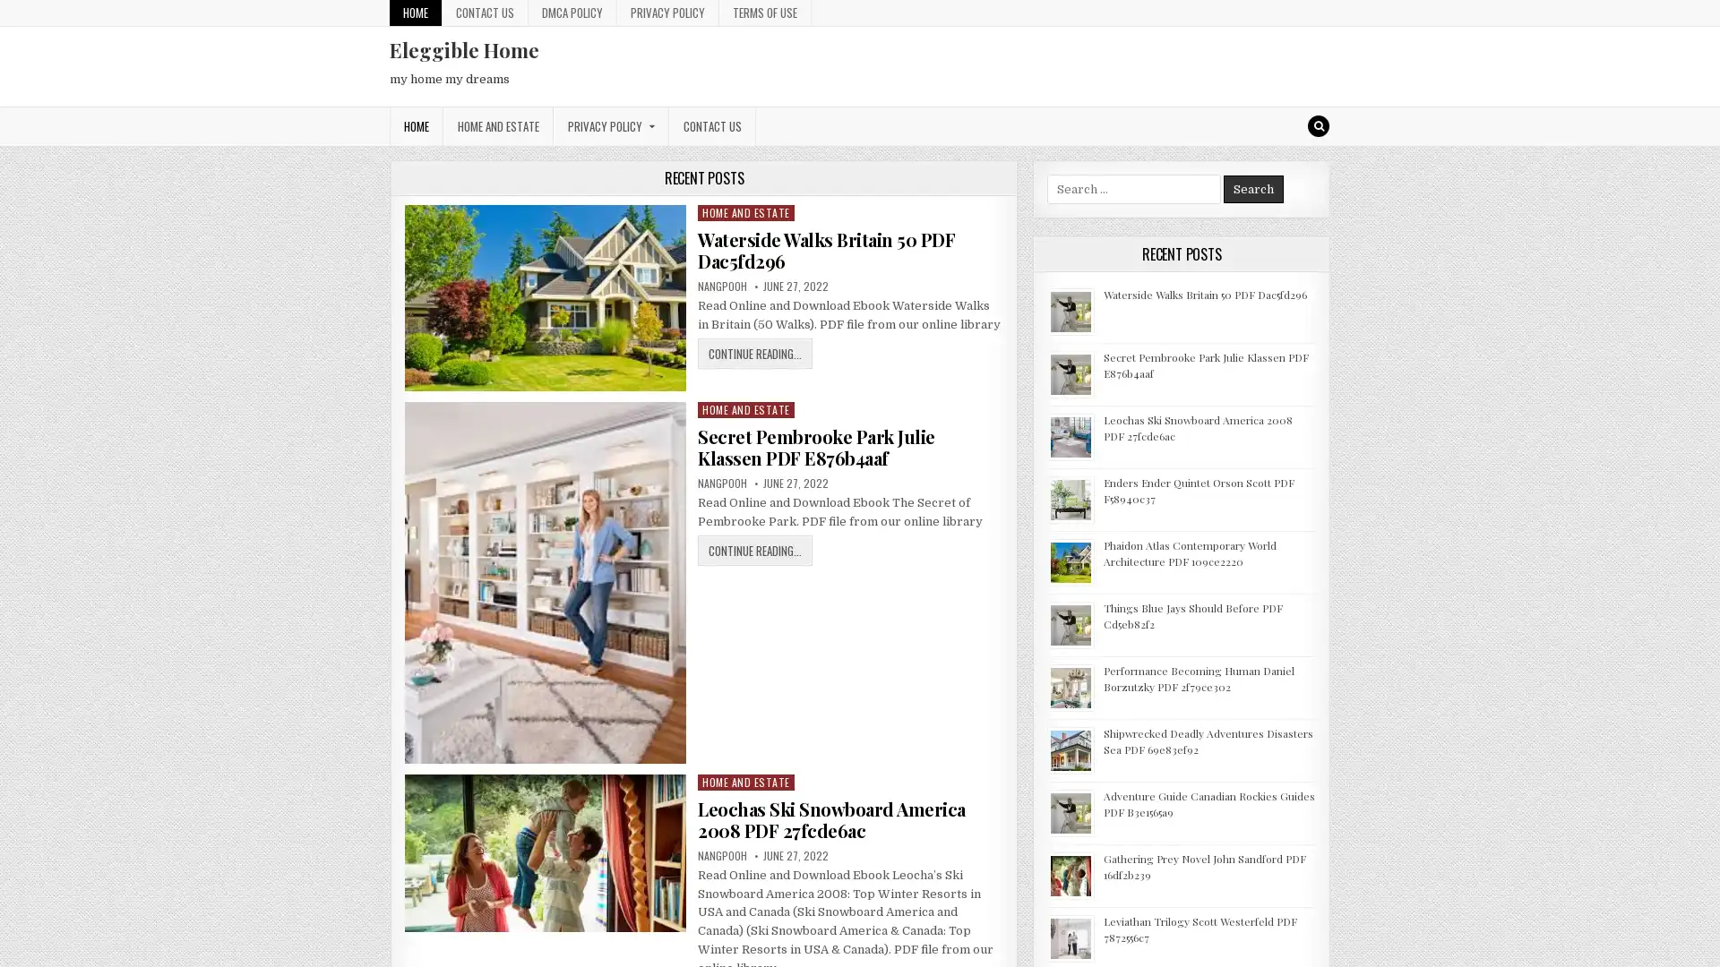 Image resolution: width=1720 pixels, height=967 pixels. What do you see at coordinates (1252, 189) in the screenshot?
I see `Search` at bounding box center [1252, 189].